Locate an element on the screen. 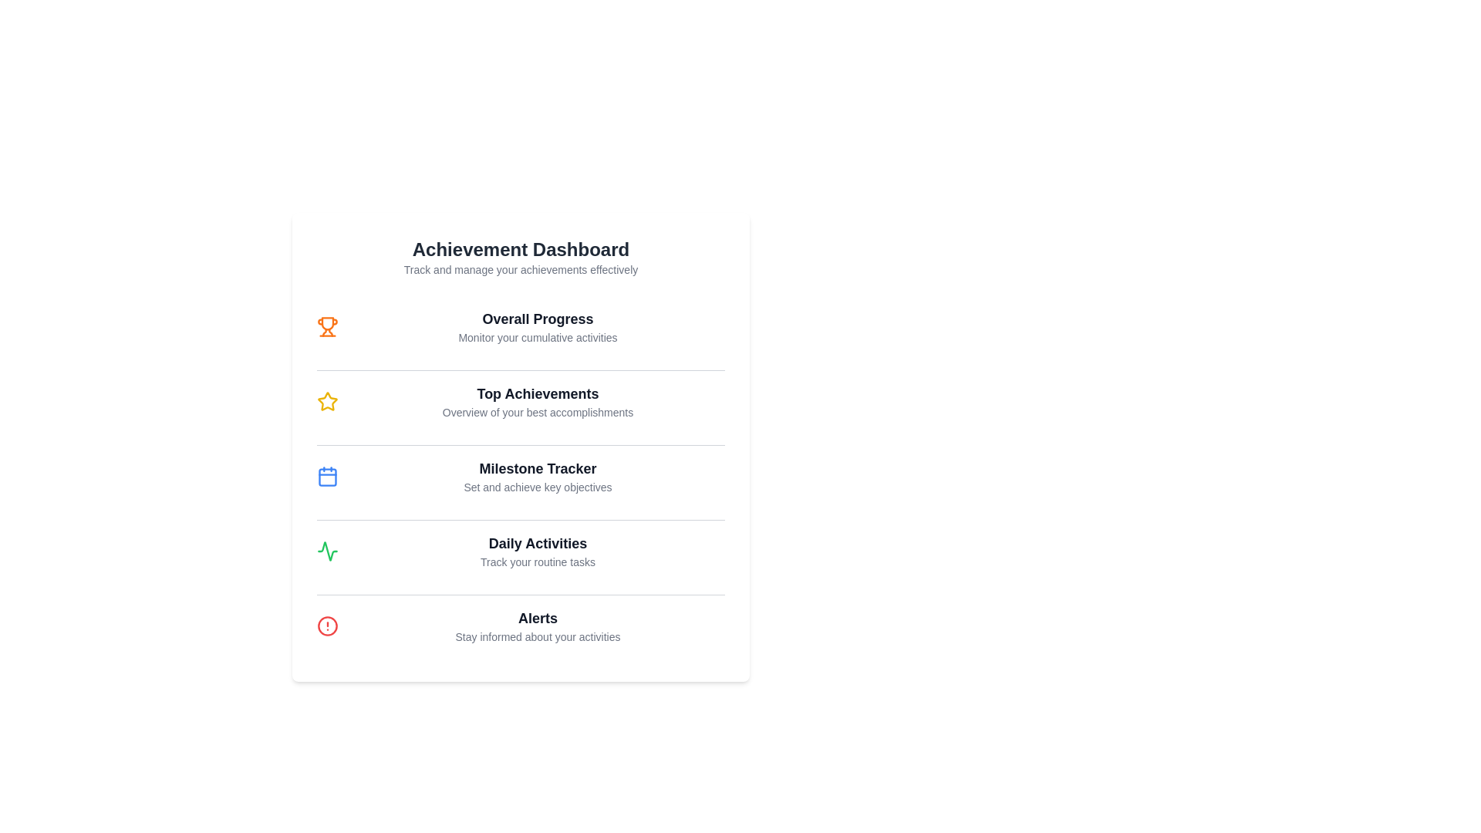 The image size is (1481, 833). the 'Daily Activities' text label, which is styled with a larger bold font in dark gray, positioned centrally above the smaller text 'Track your routine tasks' is located at coordinates (538, 543).